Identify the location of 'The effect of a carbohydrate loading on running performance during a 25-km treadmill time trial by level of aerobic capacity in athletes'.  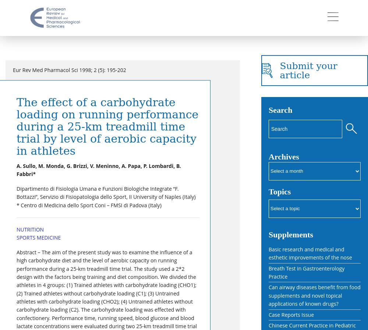
(107, 126).